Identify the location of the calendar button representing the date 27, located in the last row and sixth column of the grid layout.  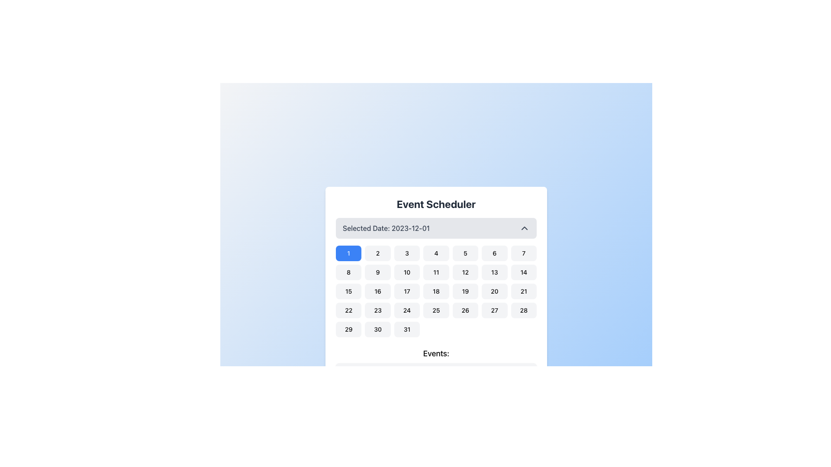
(494, 310).